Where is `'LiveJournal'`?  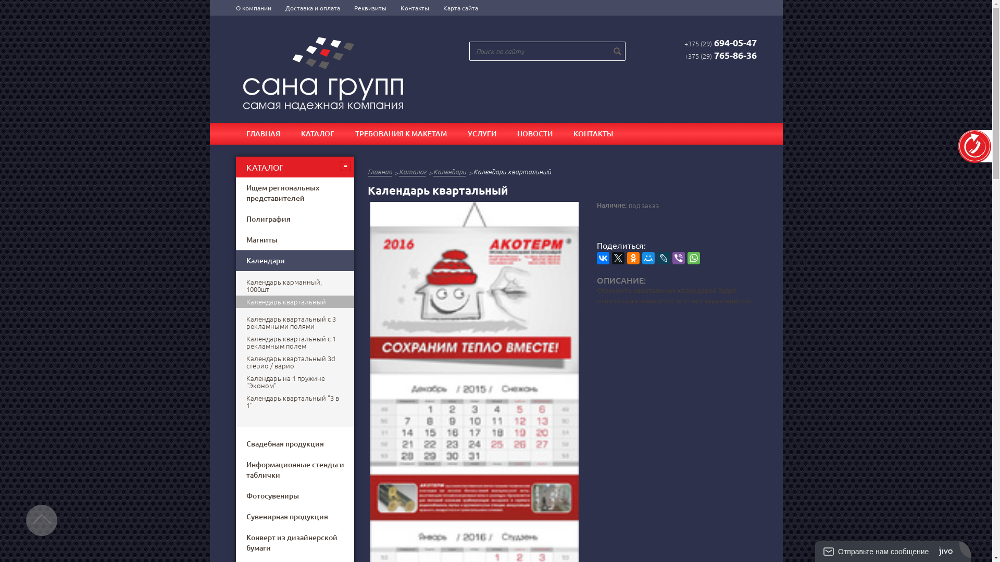
'LiveJournal' is located at coordinates (662, 258).